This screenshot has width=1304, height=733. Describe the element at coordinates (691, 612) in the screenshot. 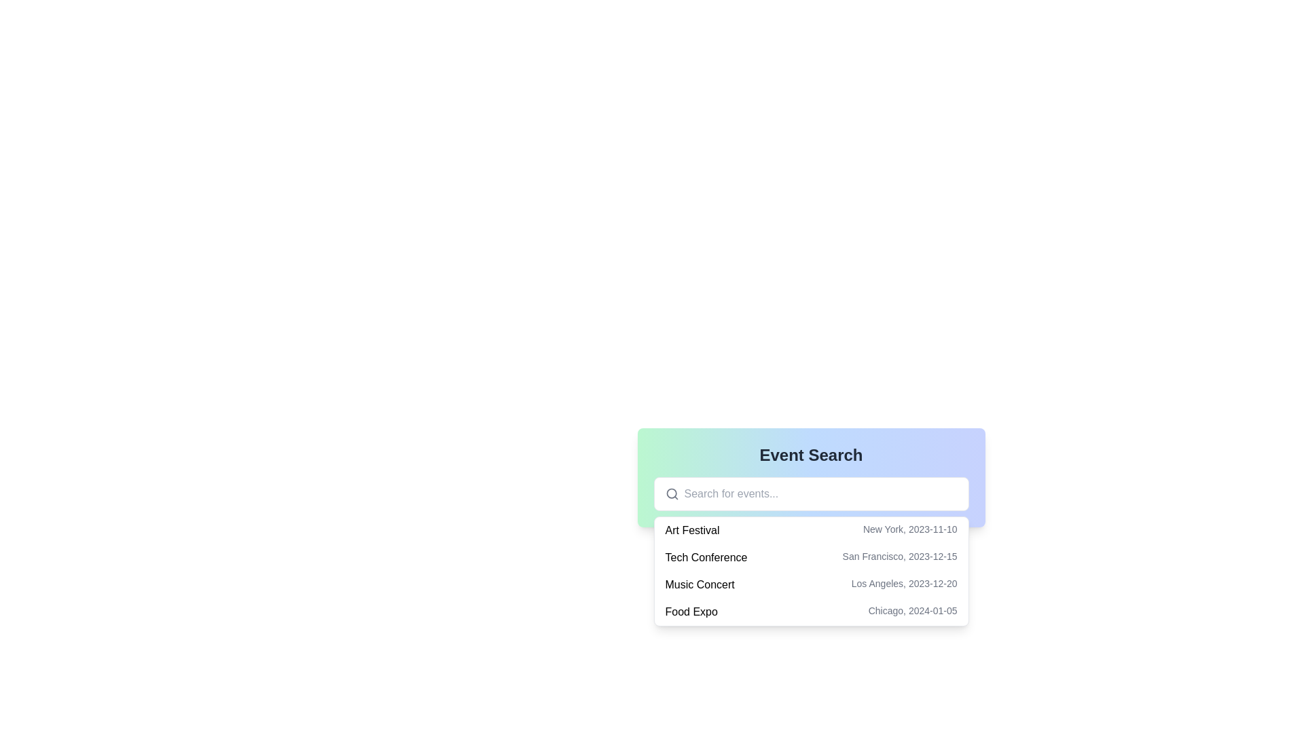

I see `the text label 'Food Expo' in the event list` at that location.